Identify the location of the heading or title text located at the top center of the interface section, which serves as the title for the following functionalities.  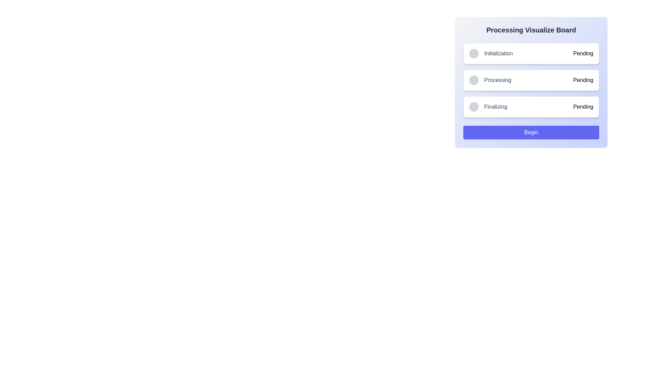
(531, 30).